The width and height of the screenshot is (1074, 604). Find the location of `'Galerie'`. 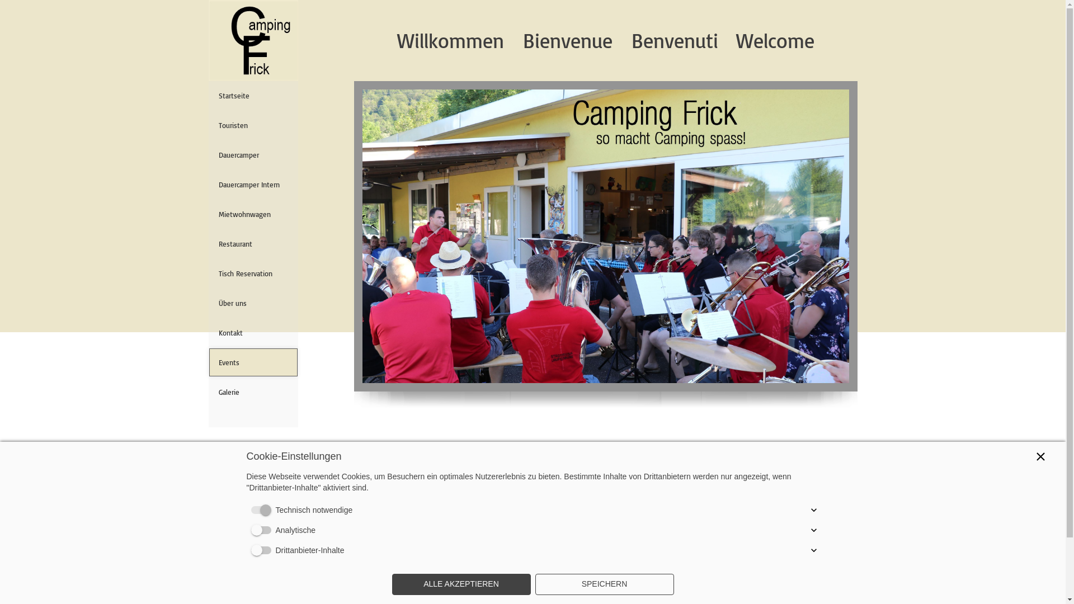

'Galerie' is located at coordinates (252, 391).